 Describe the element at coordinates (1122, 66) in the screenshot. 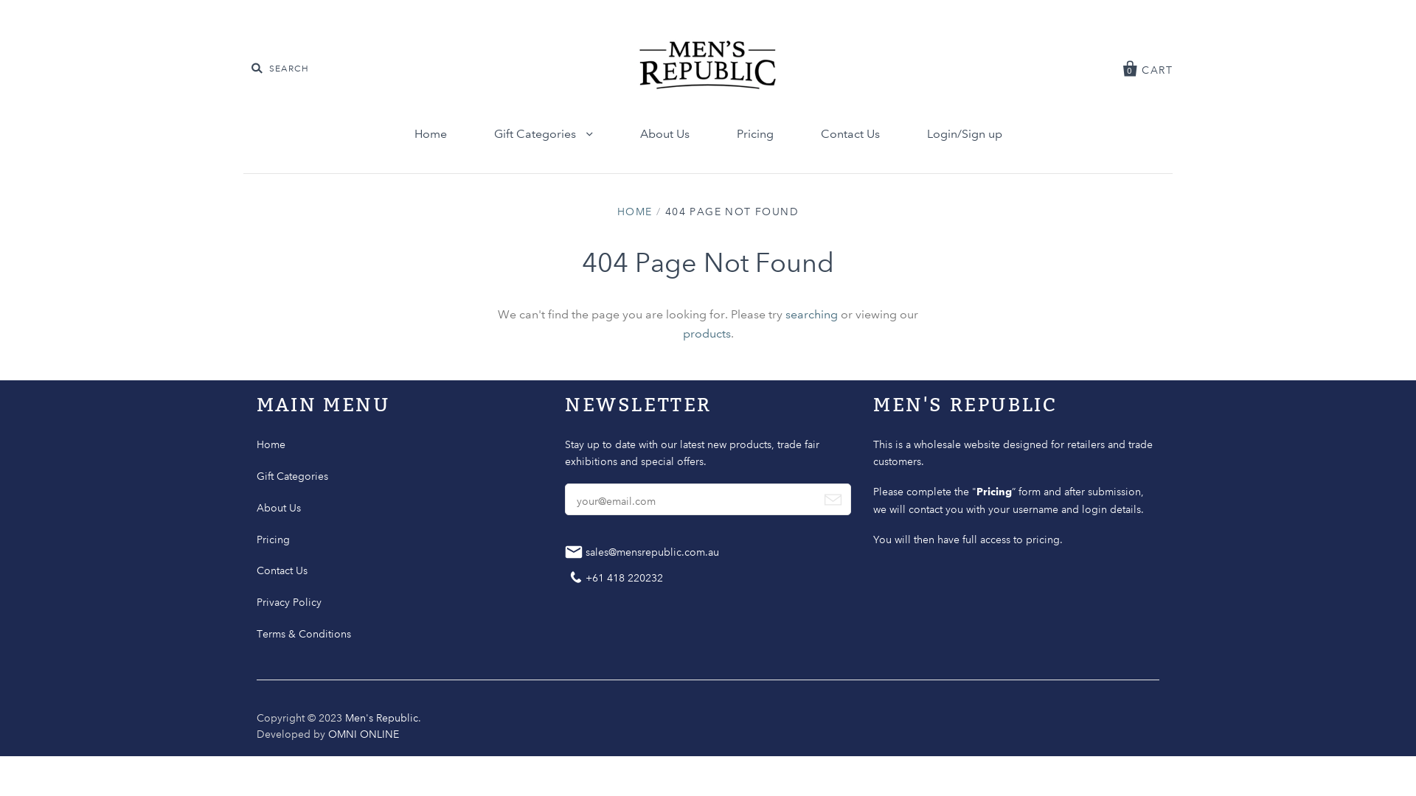

I see `'0` at that location.